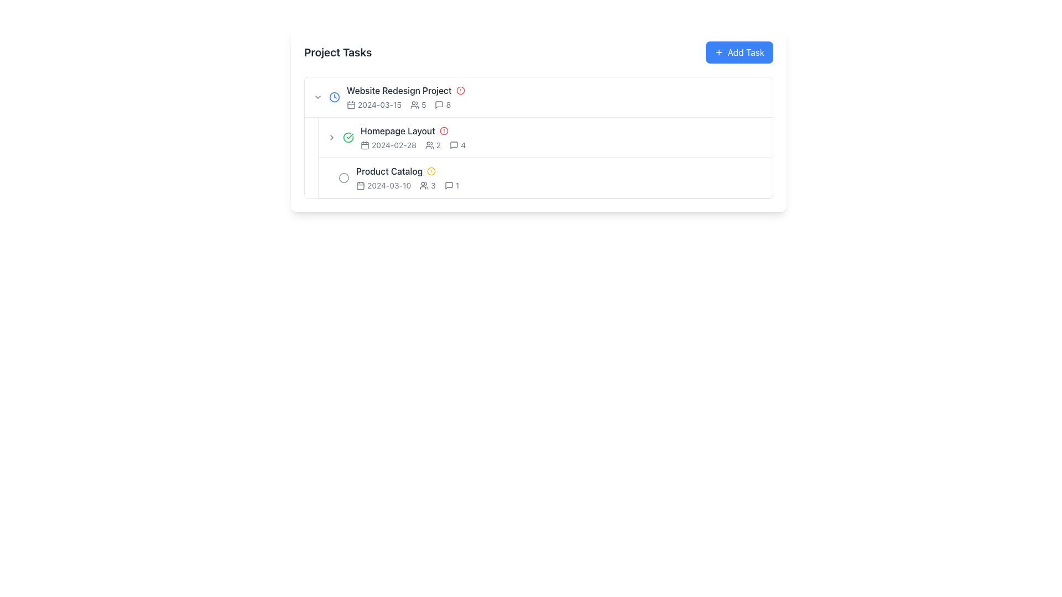 This screenshot has width=1062, height=597. What do you see at coordinates (739, 53) in the screenshot?
I see `the 'Add Task' button with a blue background and white text to observe its hover effect` at bounding box center [739, 53].